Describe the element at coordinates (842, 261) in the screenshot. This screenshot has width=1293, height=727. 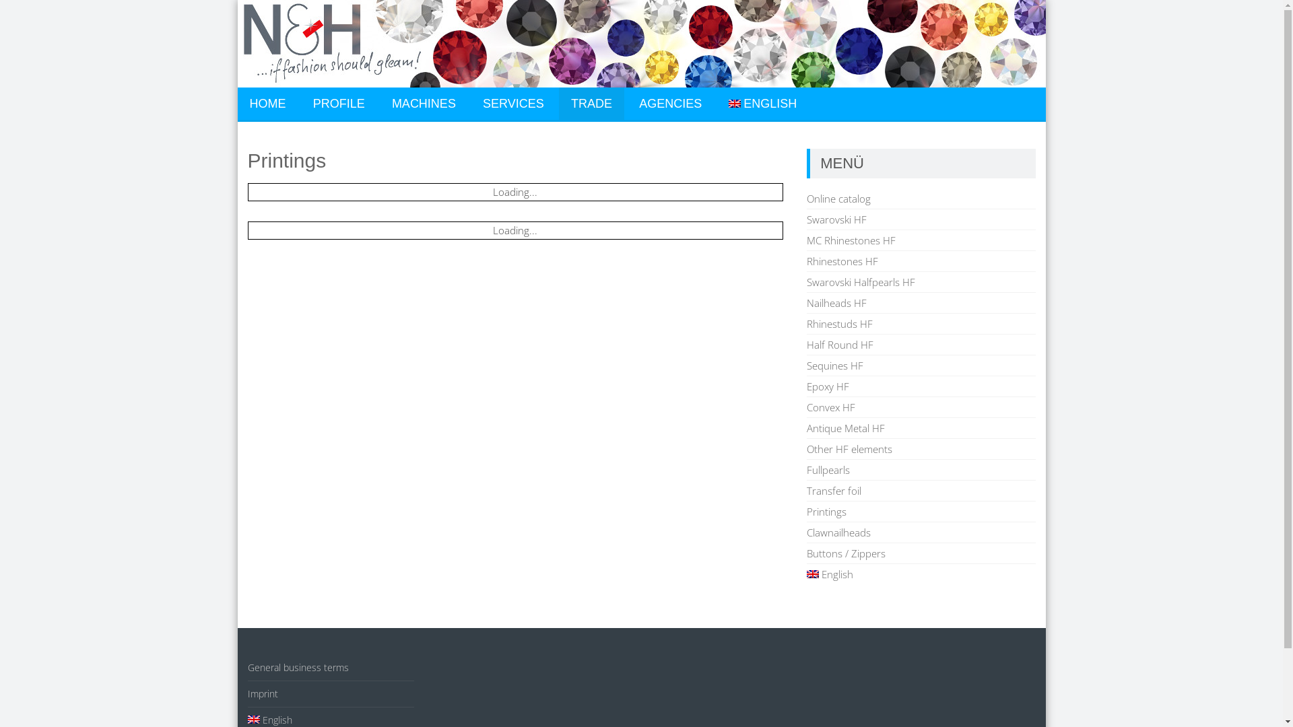
I see `'Rhinestones HF'` at that location.